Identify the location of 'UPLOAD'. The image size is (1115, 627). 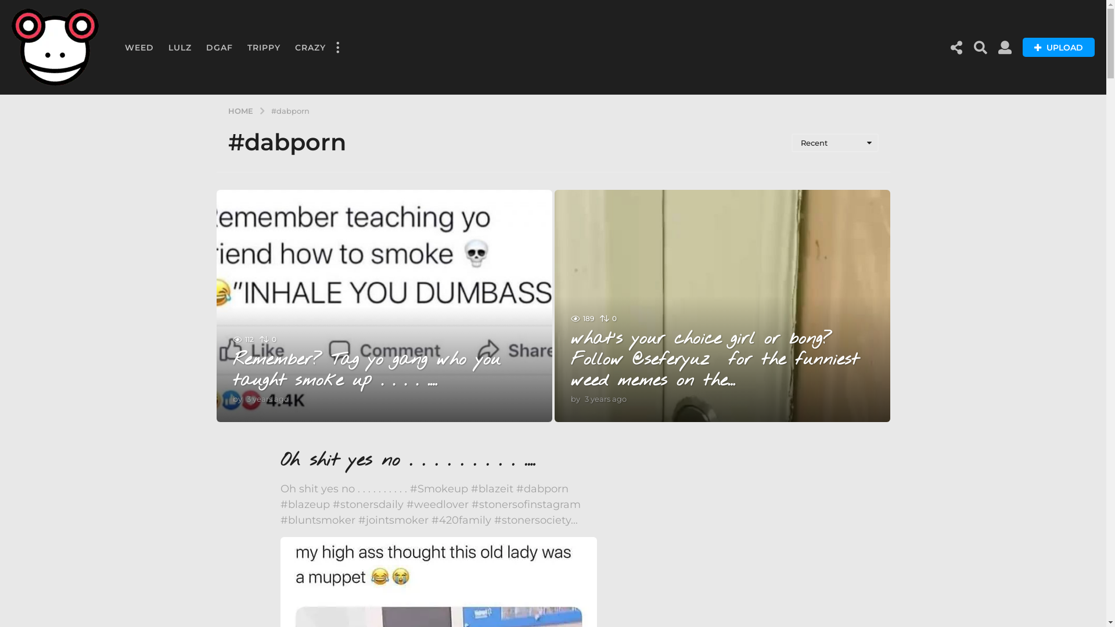
(1059, 46).